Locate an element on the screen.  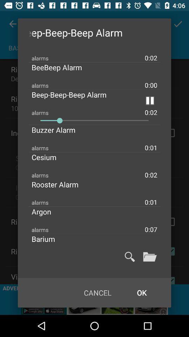
click button to pause alarm is located at coordinates (149, 100).